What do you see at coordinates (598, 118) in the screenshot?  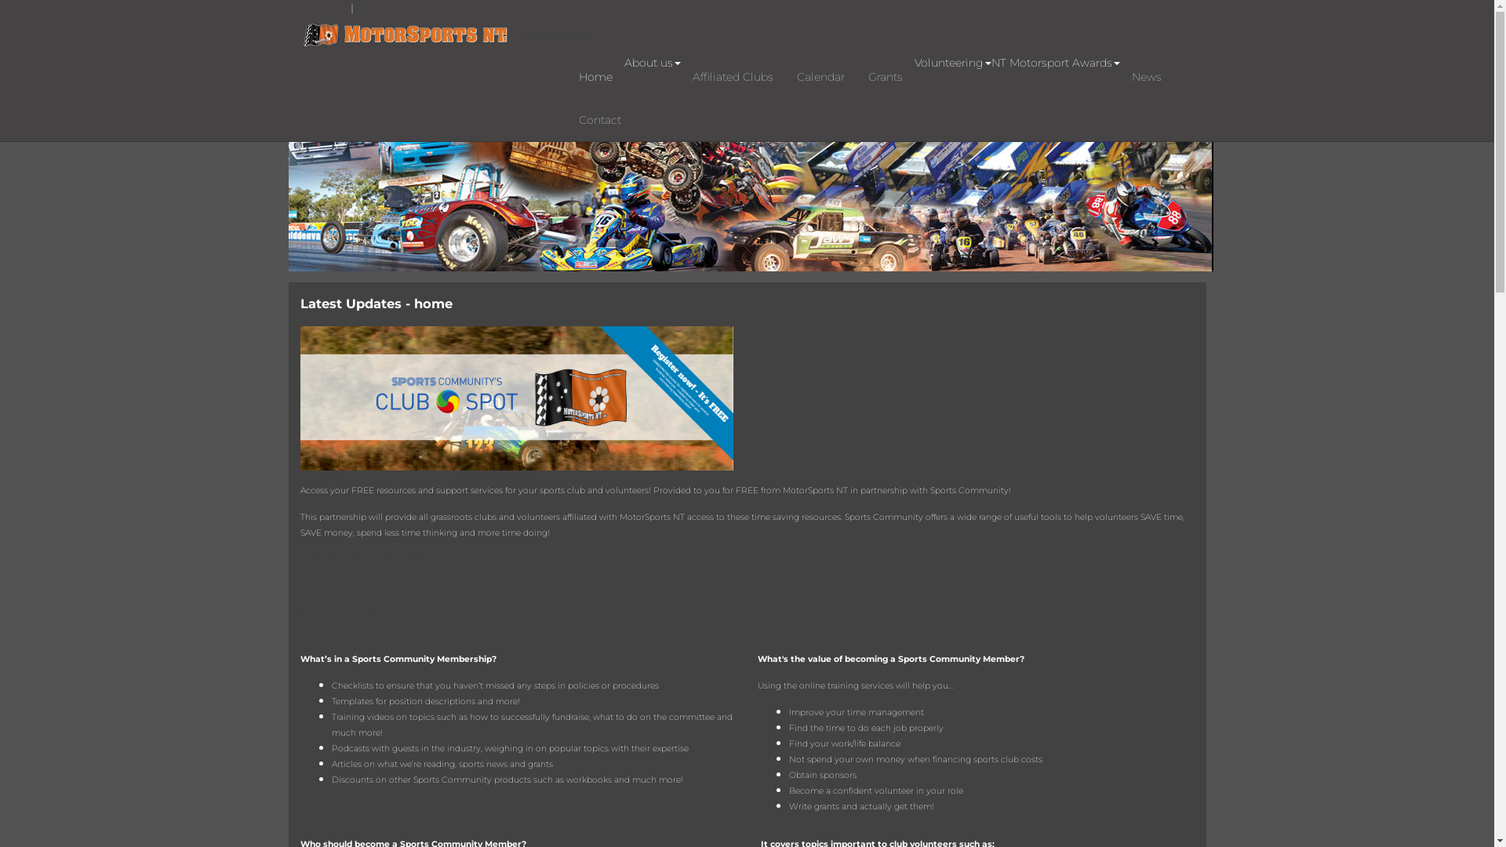 I see `'Contact'` at bounding box center [598, 118].